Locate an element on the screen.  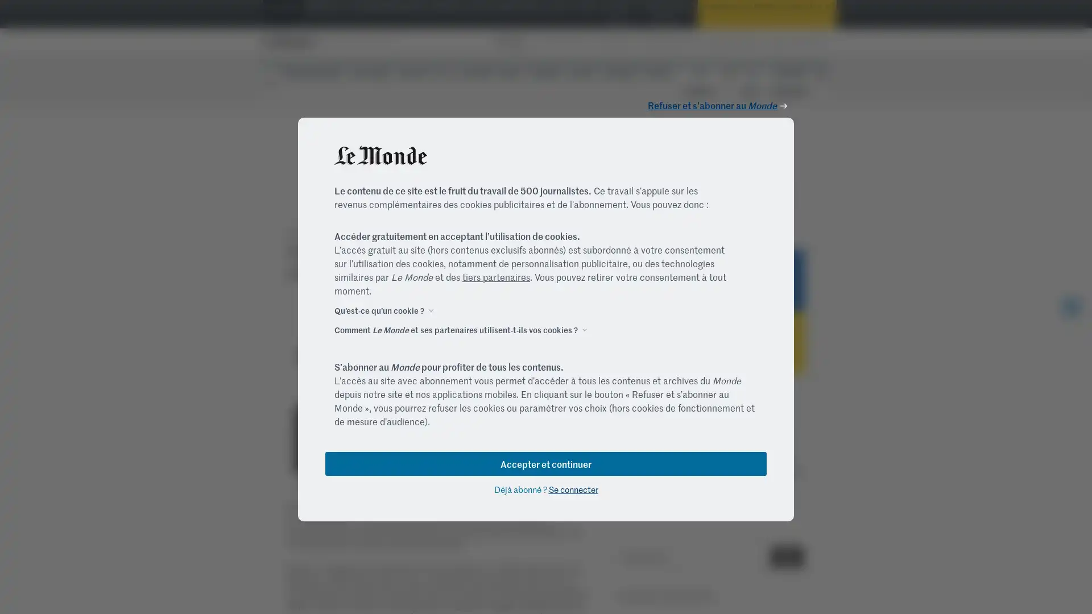
Recherche is located at coordinates (786, 556).